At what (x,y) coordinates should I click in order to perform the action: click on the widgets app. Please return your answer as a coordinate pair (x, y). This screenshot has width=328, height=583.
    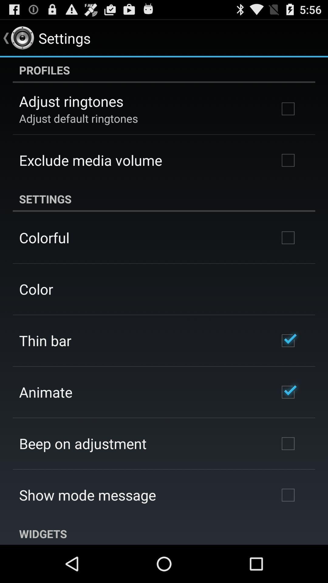
    Looking at the image, I should click on (164, 533).